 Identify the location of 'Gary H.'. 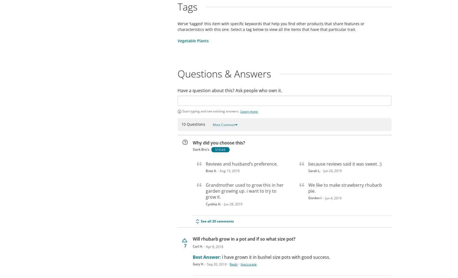
(198, 264).